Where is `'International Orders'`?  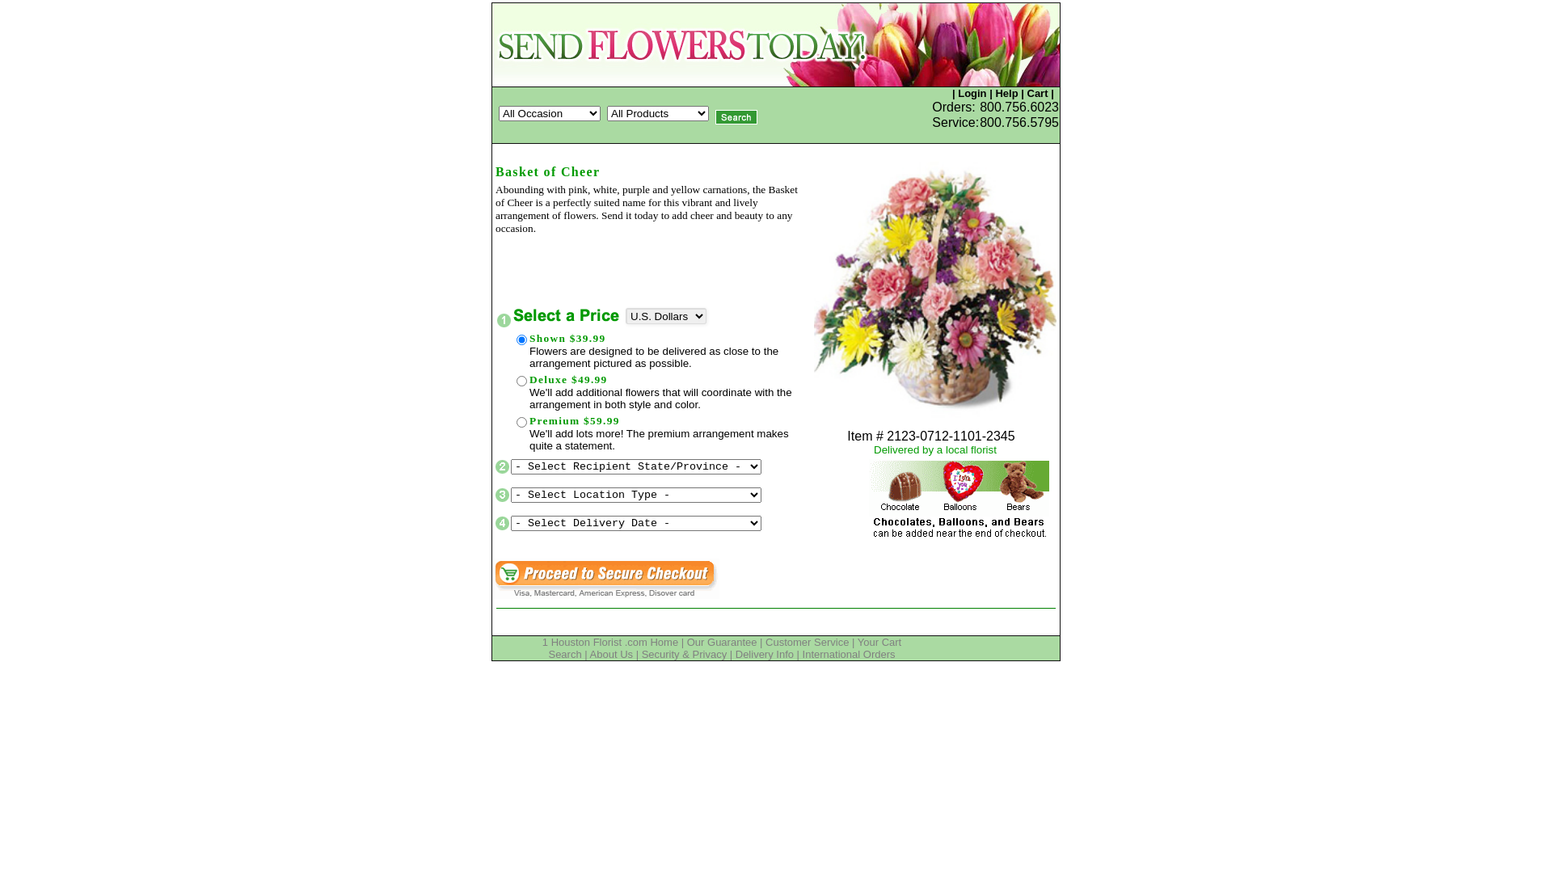
'International Orders' is located at coordinates (803, 653).